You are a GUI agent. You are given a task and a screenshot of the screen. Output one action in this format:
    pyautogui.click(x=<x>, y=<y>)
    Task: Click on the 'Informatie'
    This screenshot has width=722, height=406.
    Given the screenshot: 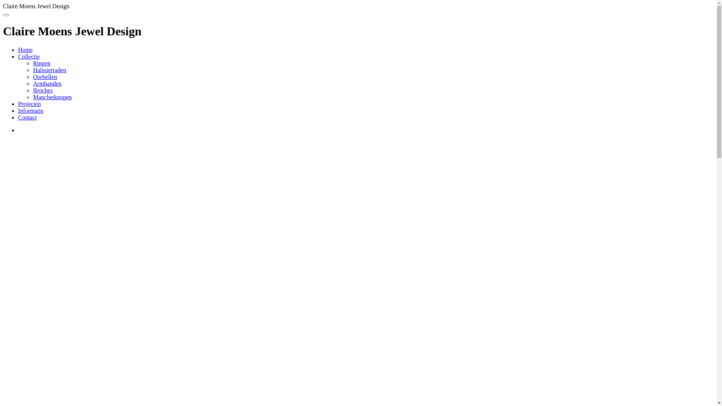 What is the action you would take?
    pyautogui.click(x=30, y=111)
    